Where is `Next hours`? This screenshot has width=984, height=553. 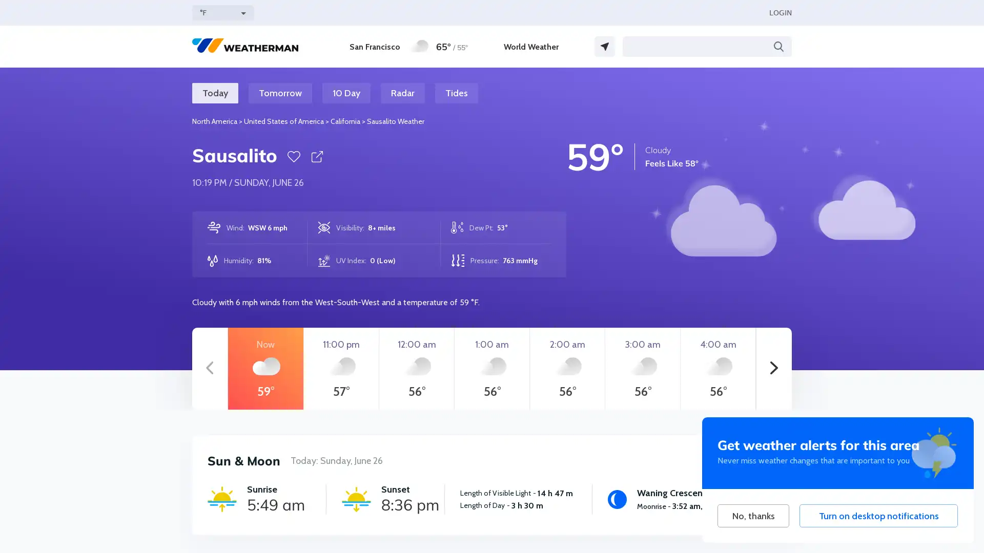 Next hours is located at coordinates (774, 369).